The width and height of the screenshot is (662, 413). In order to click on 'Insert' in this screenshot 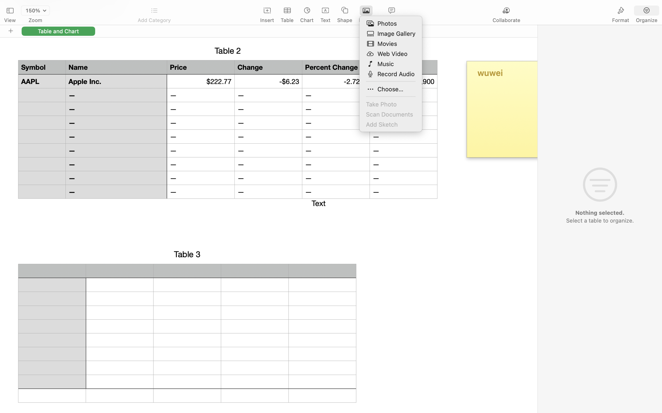, I will do `click(267, 20)`.